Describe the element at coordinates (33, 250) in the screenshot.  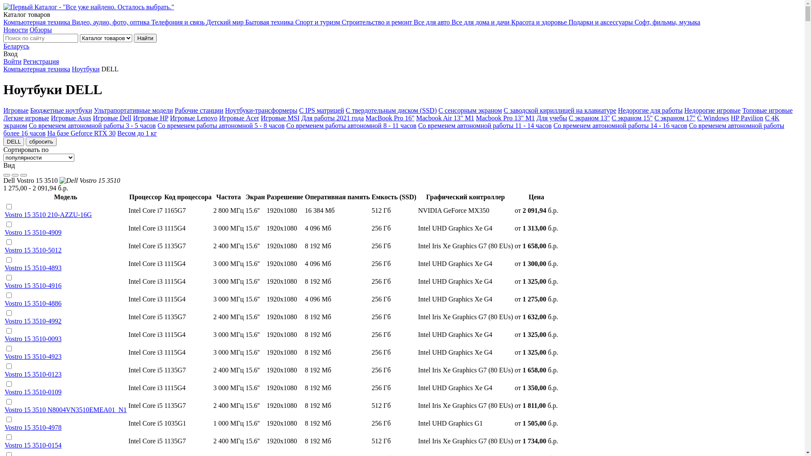
I see `'Vostro 15 3510-5012'` at that location.